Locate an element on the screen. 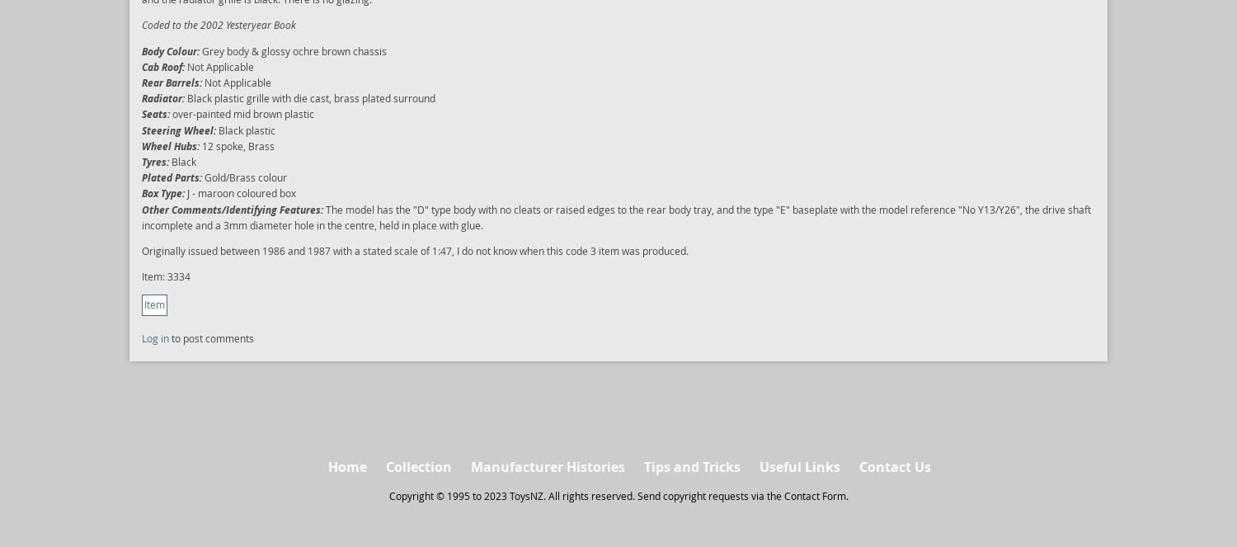 The image size is (1237, 547). 'Black' is located at coordinates (181, 159).